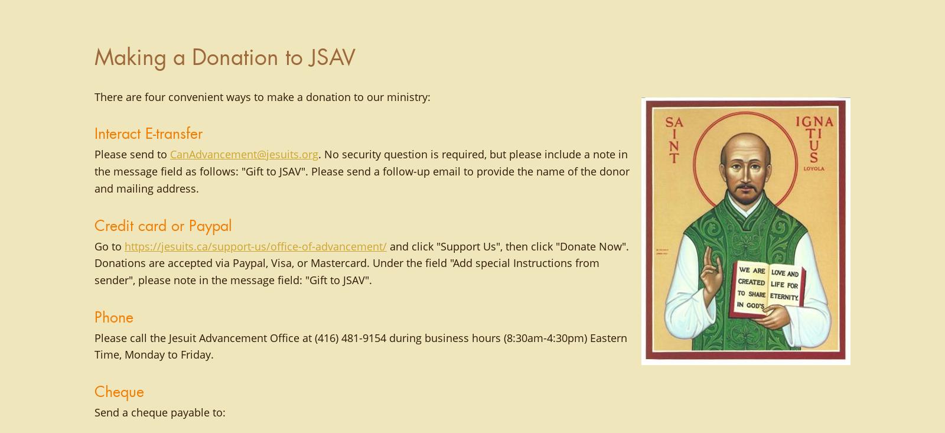 This screenshot has height=433, width=945. Describe the element at coordinates (94, 154) in the screenshot. I see `'Please send to'` at that location.